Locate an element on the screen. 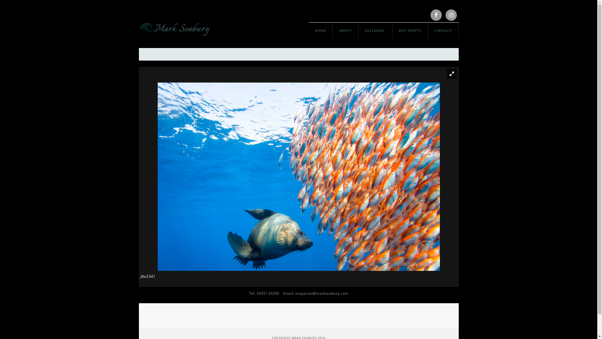 The image size is (602, 339). 'HOME' is located at coordinates (320, 30).